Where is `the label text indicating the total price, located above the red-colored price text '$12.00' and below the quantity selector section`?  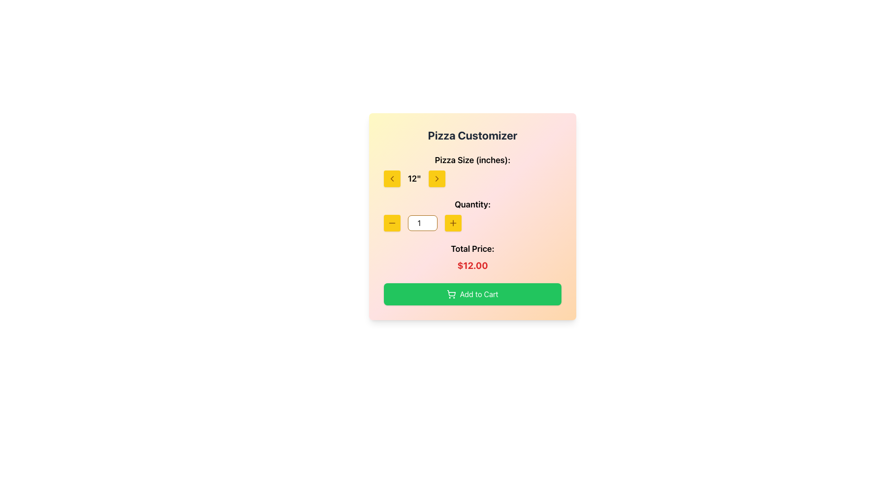
the label text indicating the total price, located above the red-colored price text '$12.00' and below the quantity selector section is located at coordinates (473, 249).